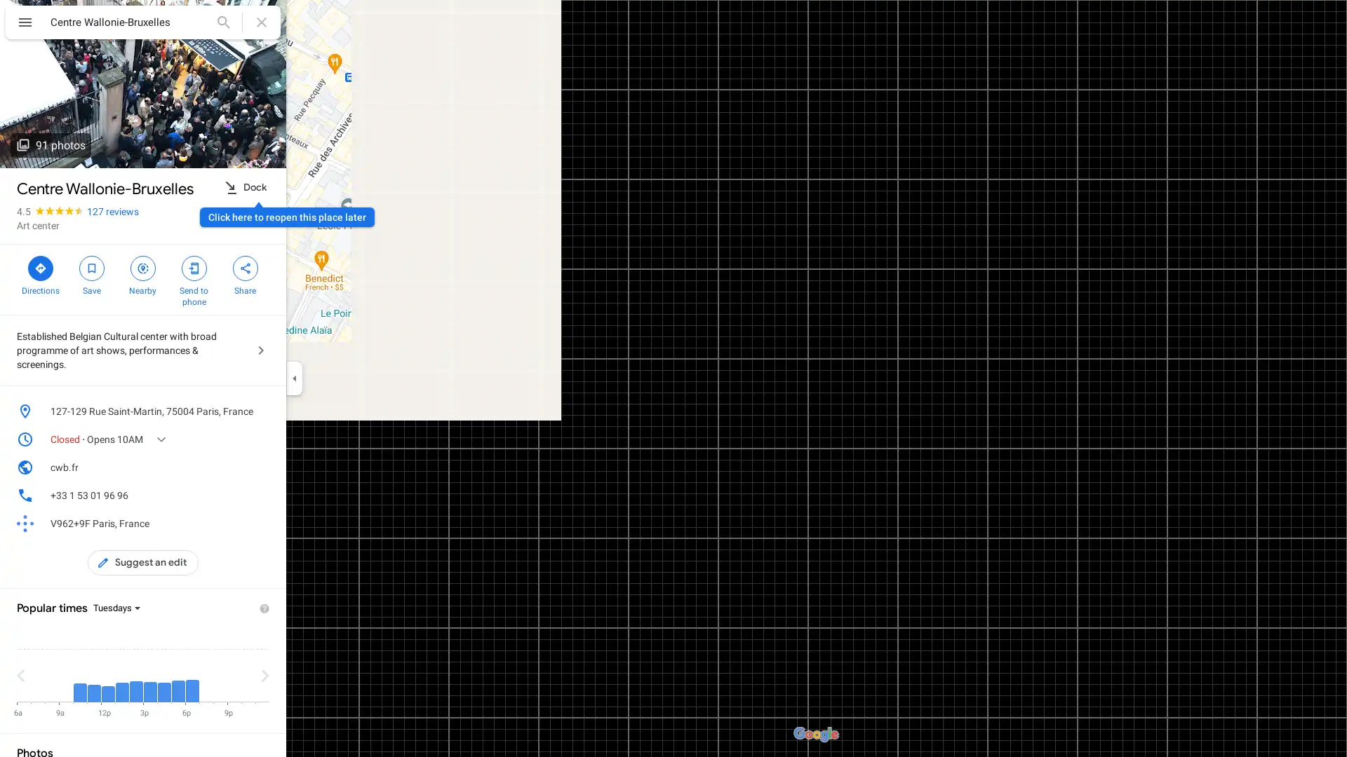  I want to click on Copy plus code, so click(241, 524).